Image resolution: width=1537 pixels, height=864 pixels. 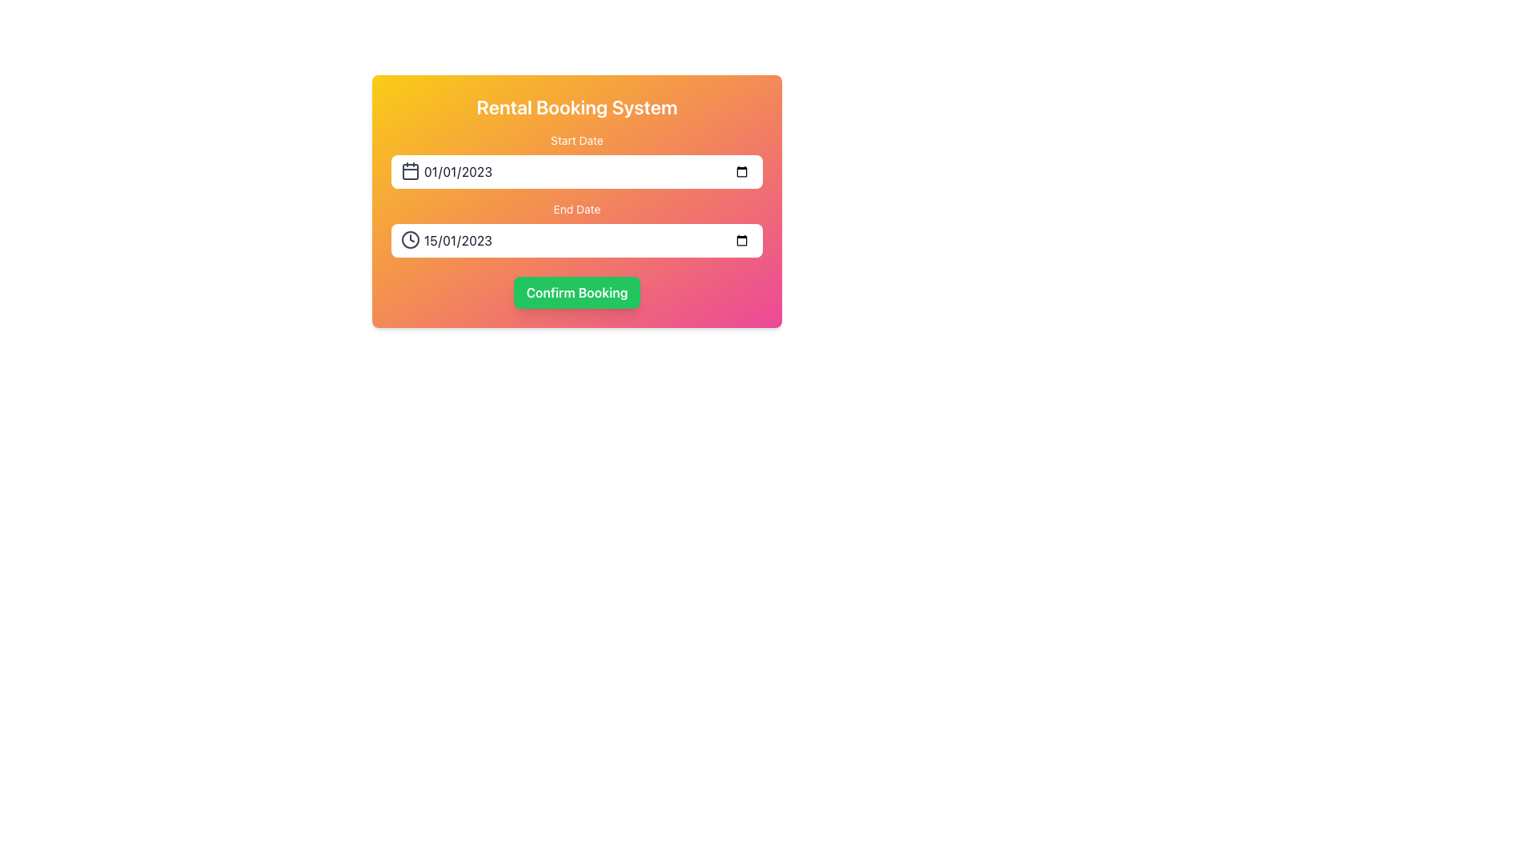 I want to click on the date picker input field, so click(x=576, y=240).